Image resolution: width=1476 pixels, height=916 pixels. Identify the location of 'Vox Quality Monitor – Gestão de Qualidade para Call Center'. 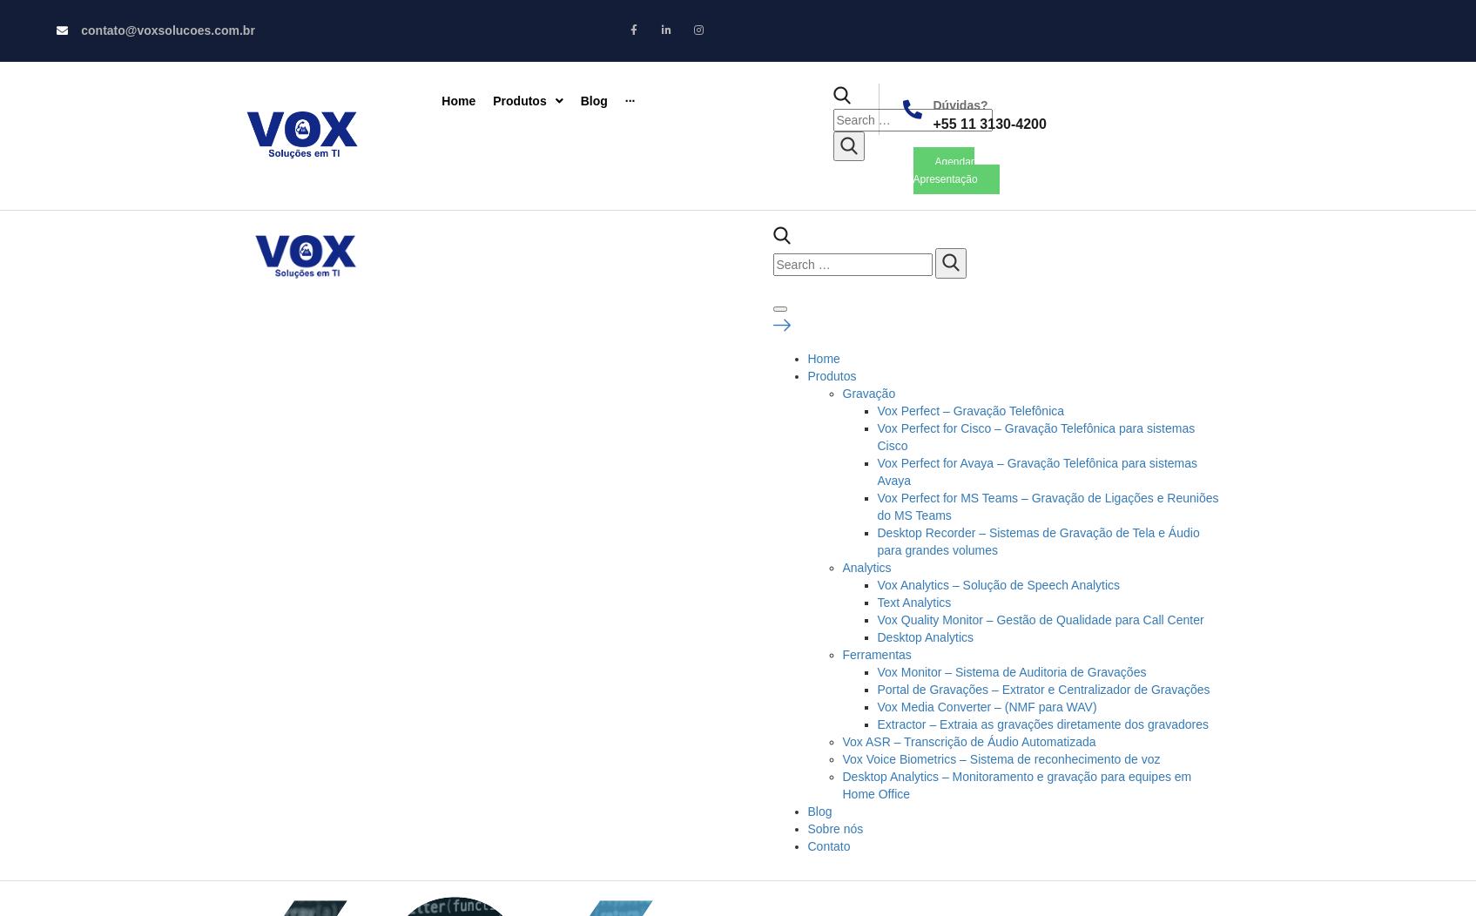
(1040, 619).